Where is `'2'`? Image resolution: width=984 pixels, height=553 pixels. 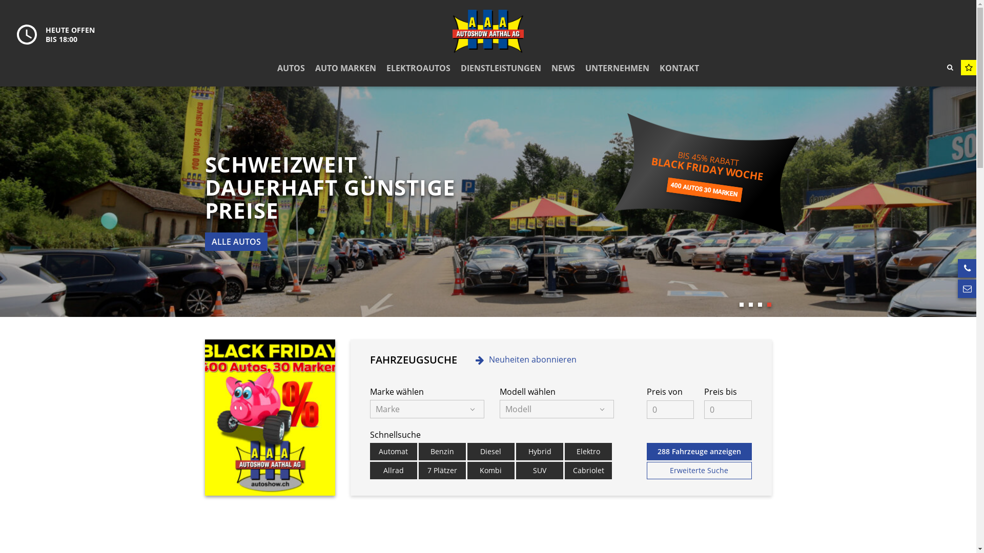 '2' is located at coordinates (750, 304).